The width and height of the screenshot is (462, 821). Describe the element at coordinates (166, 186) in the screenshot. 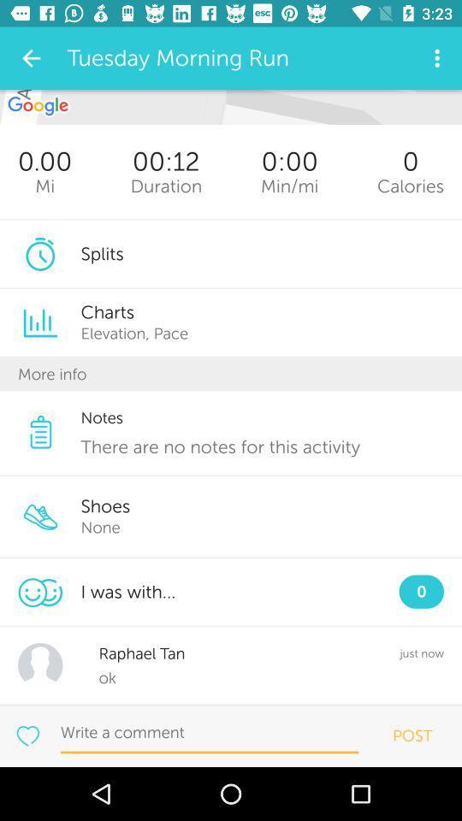

I see `the item to the right of the 0.00 item` at that location.